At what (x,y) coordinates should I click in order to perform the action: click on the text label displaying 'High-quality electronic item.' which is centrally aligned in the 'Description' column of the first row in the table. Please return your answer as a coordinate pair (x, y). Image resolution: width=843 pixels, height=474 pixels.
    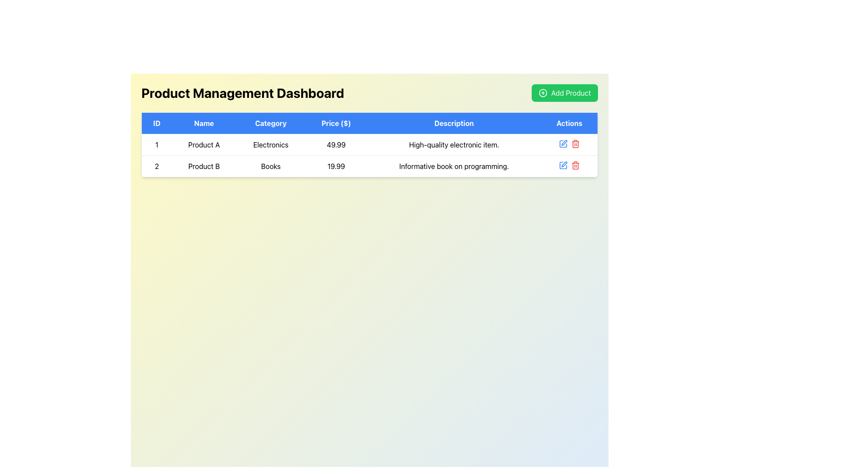
    Looking at the image, I should click on (454, 144).